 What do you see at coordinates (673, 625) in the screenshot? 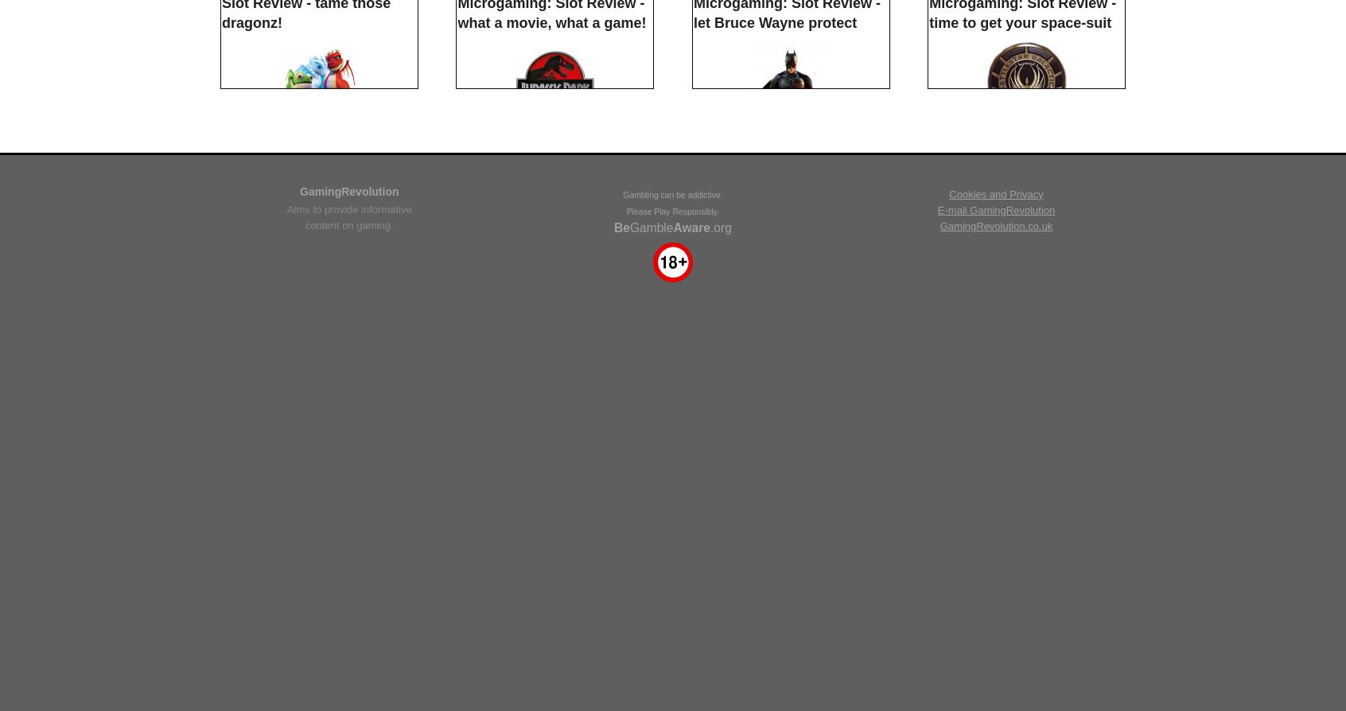
I see `'Aware'` at bounding box center [673, 625].